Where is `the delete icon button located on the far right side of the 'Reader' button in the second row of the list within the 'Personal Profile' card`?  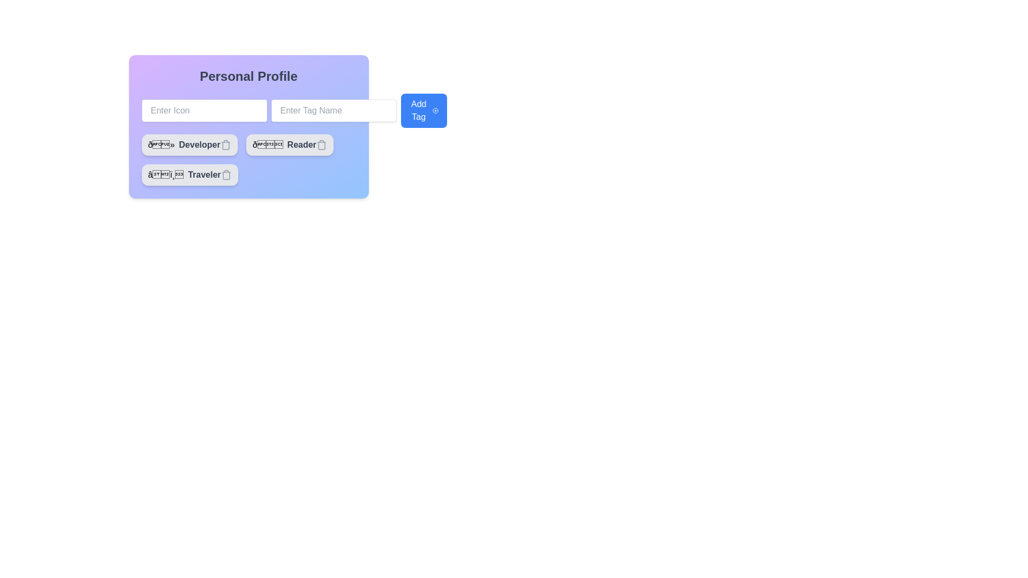
the delete icon button located on the far right side of the 'Reader' button in the second row of the list within the 'Personal Profile' card is located at coordinates (321, 144).